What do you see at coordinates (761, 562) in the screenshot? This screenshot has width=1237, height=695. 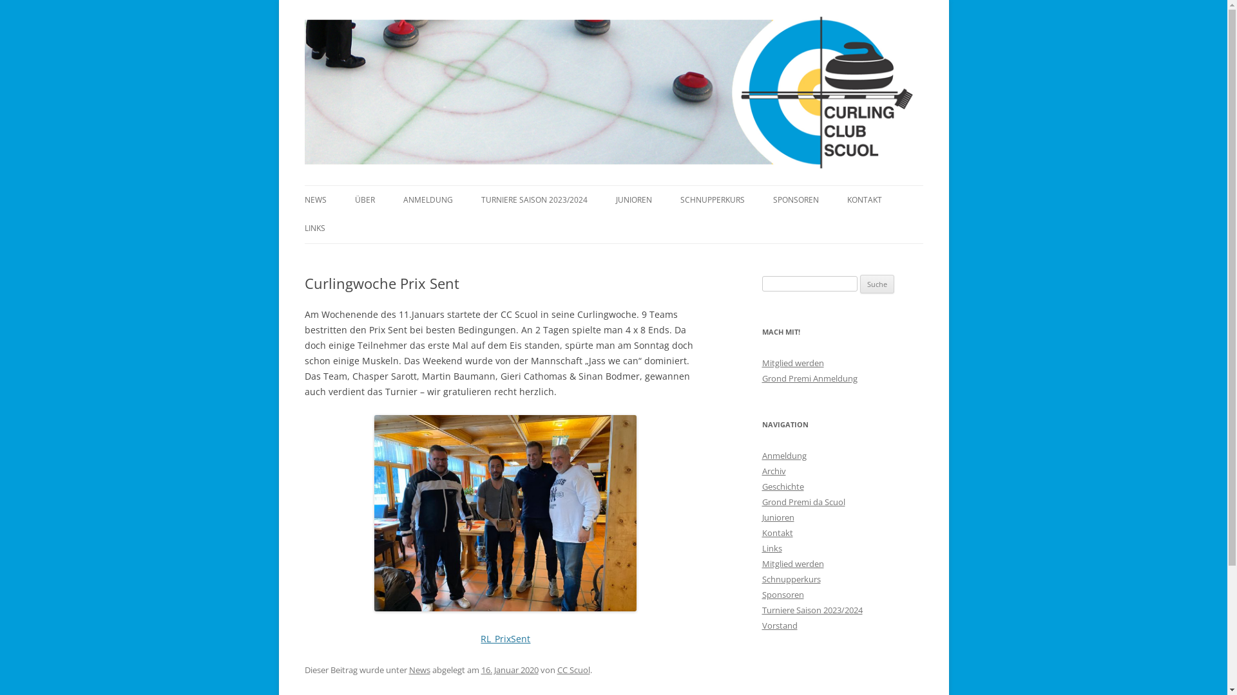 I see `'Mitglied werden'` at bounding box center [761, 562].